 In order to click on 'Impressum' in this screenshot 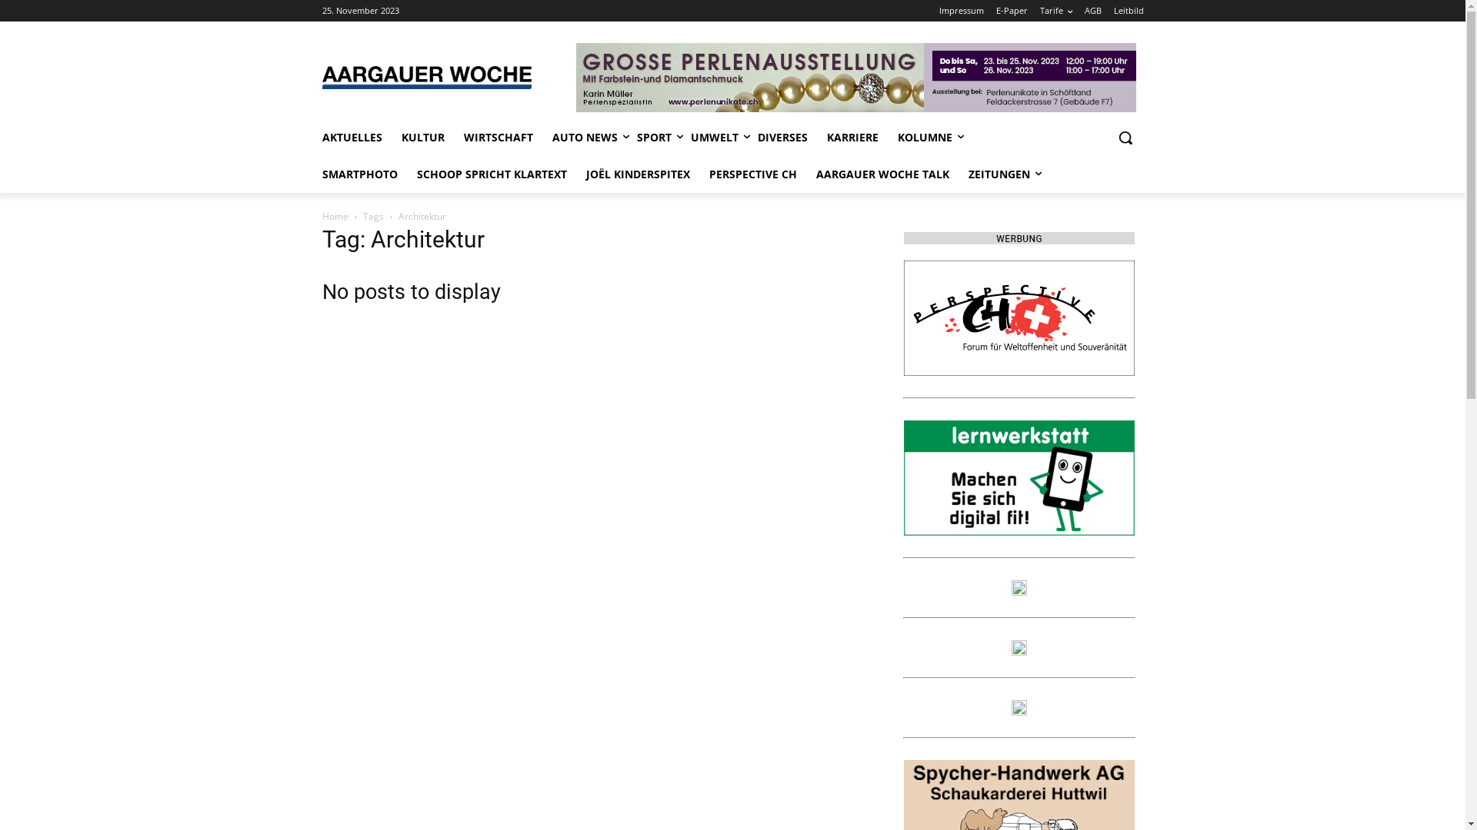, I will do `click(959, 11)`.